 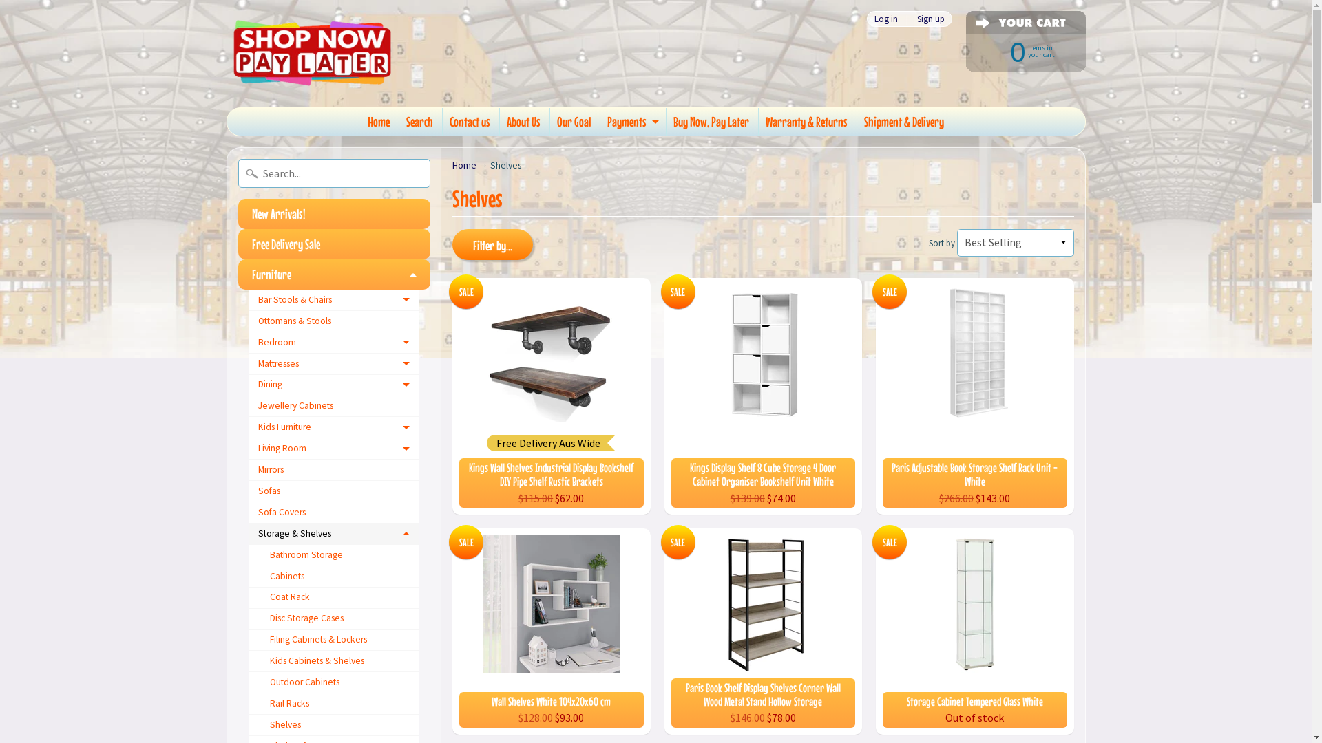 What do you see at coordinates (866, 19) in the screenshot?
I see `'Log in'` at bounding box center [866, 19].